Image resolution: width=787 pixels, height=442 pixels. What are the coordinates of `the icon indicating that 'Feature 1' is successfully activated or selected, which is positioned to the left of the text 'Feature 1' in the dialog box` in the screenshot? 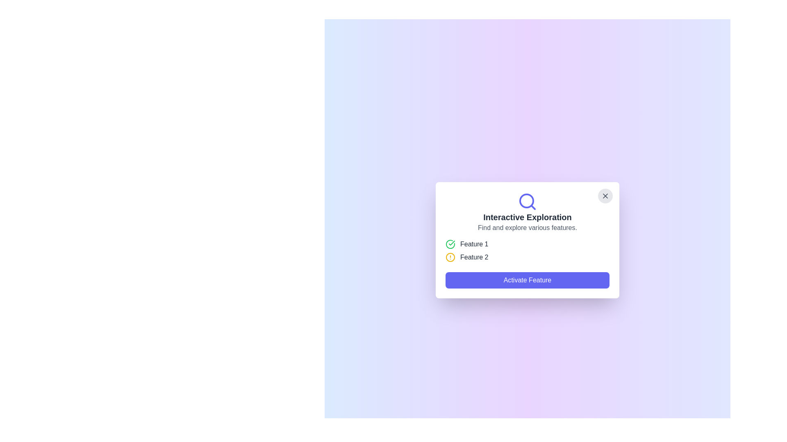 It's located at (450, 244).